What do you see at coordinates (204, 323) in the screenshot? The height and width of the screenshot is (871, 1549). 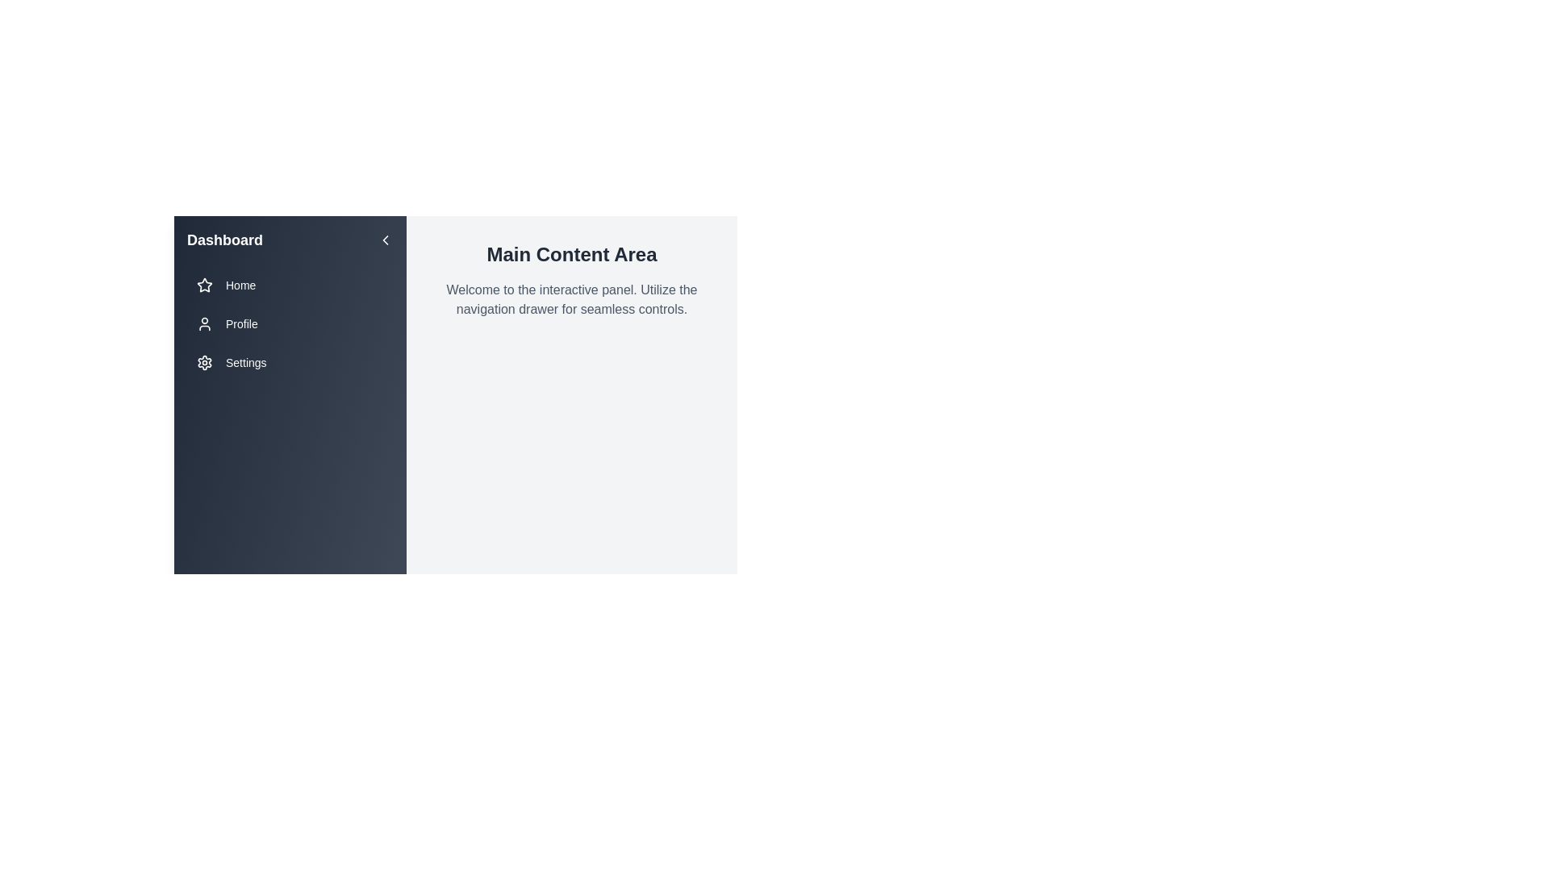 I see `the user icon in the sidebar menu, which is a minimalist graphic with a circular head and semi-circular body outline, located left of the 'Profile' text` at bounding box center [204, 323].